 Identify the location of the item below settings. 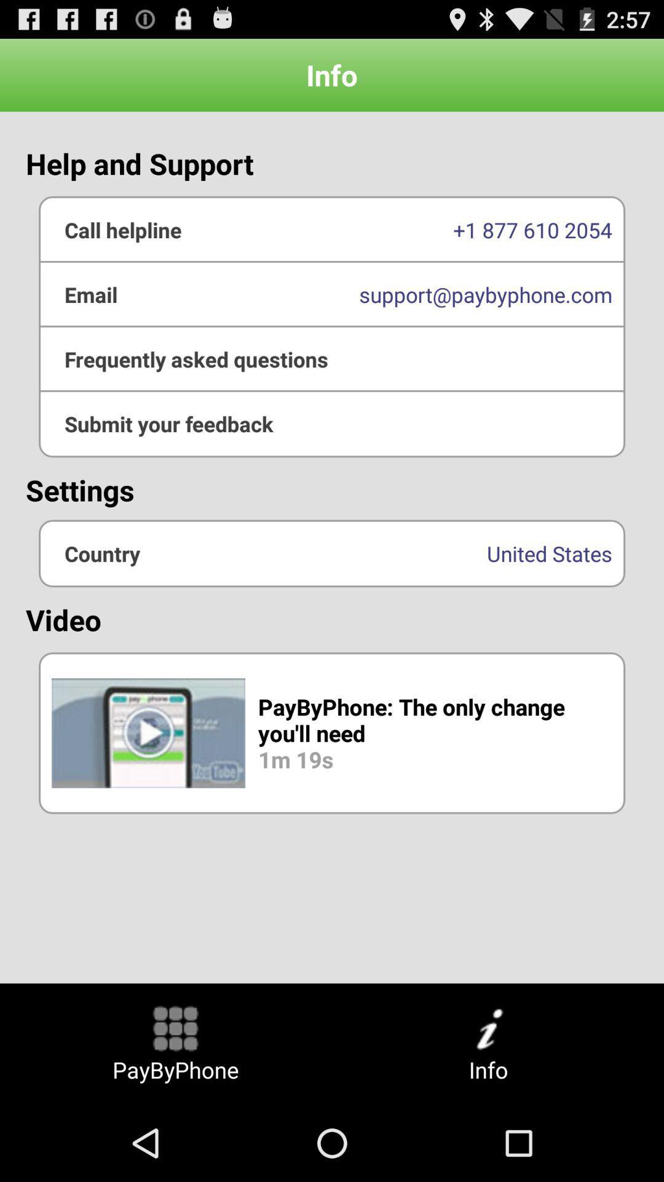
(332, 553).